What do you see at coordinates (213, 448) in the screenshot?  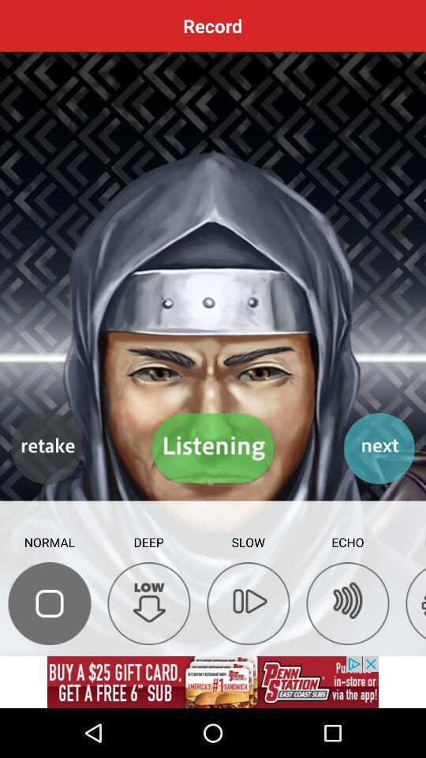 I see `the listening` at bounding box center [213, 448].